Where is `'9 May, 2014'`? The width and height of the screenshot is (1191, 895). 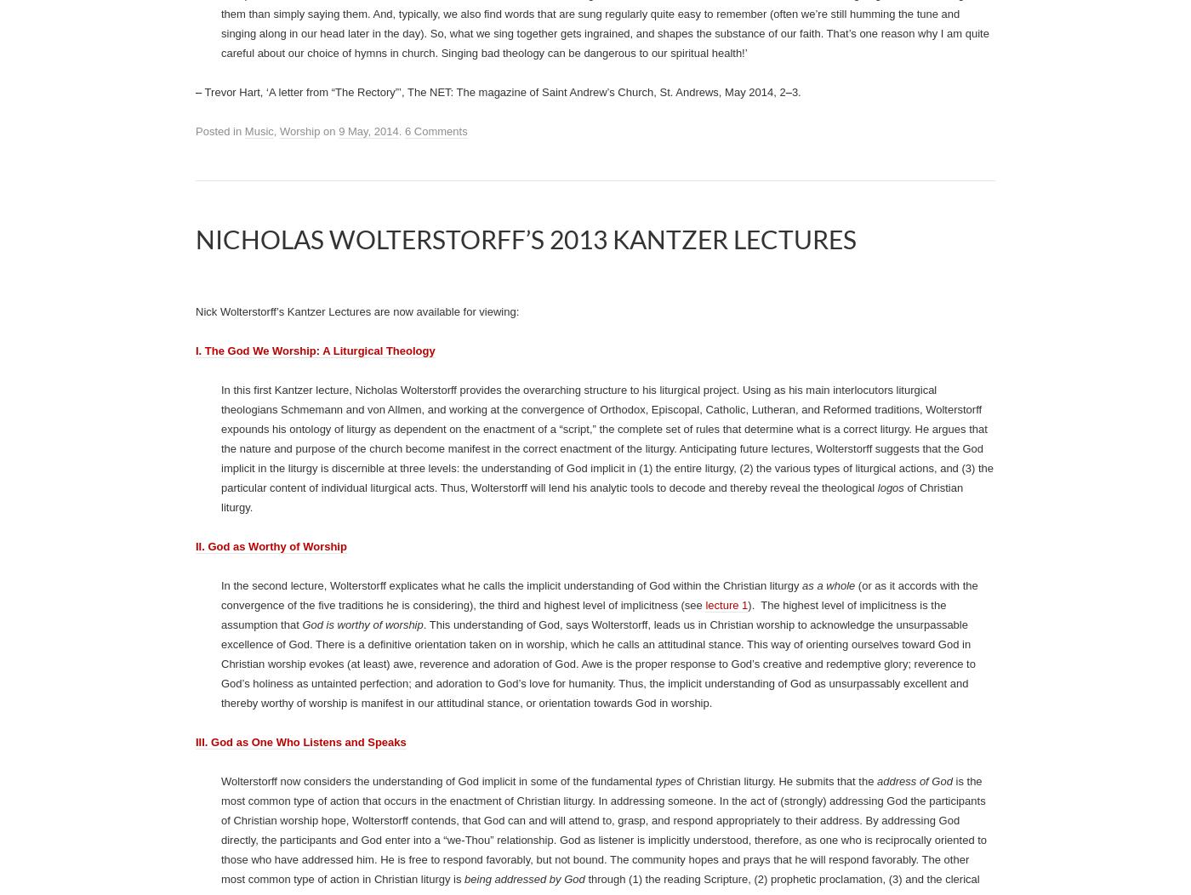 '9 May, 2014' is located at coordinates (368, 401).